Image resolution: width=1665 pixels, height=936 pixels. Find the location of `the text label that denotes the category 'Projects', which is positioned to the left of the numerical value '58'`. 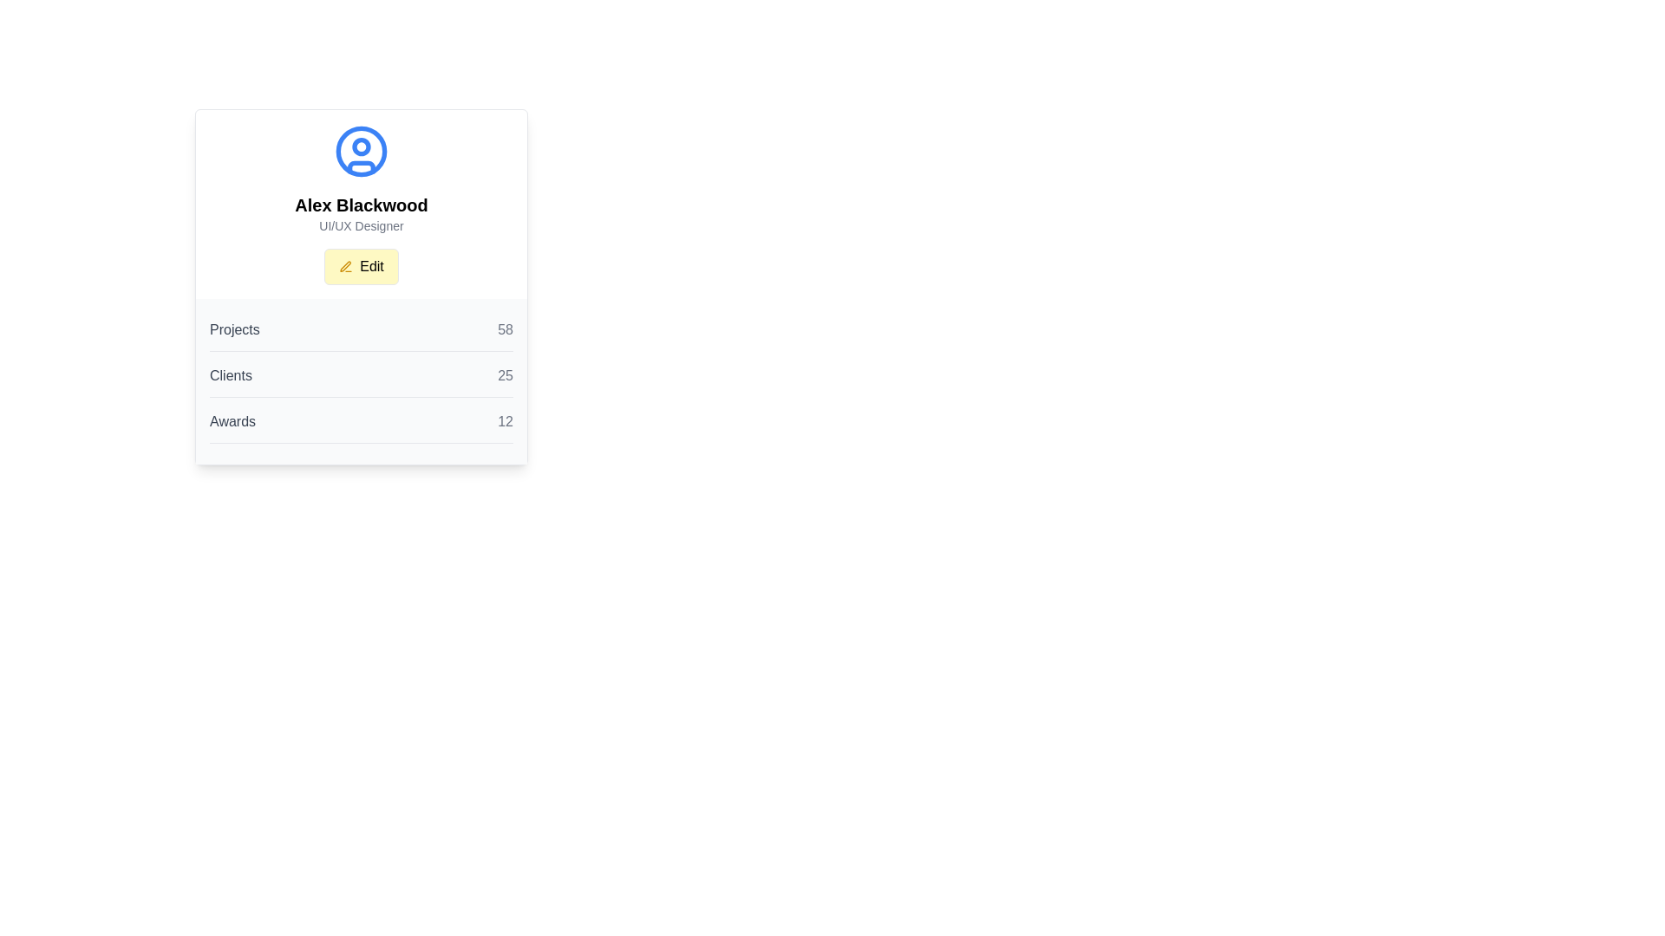

the text label that denotes the category 'Projects', which is positioned to the left of the numerical value '58' is located at coordinates (233, 330).